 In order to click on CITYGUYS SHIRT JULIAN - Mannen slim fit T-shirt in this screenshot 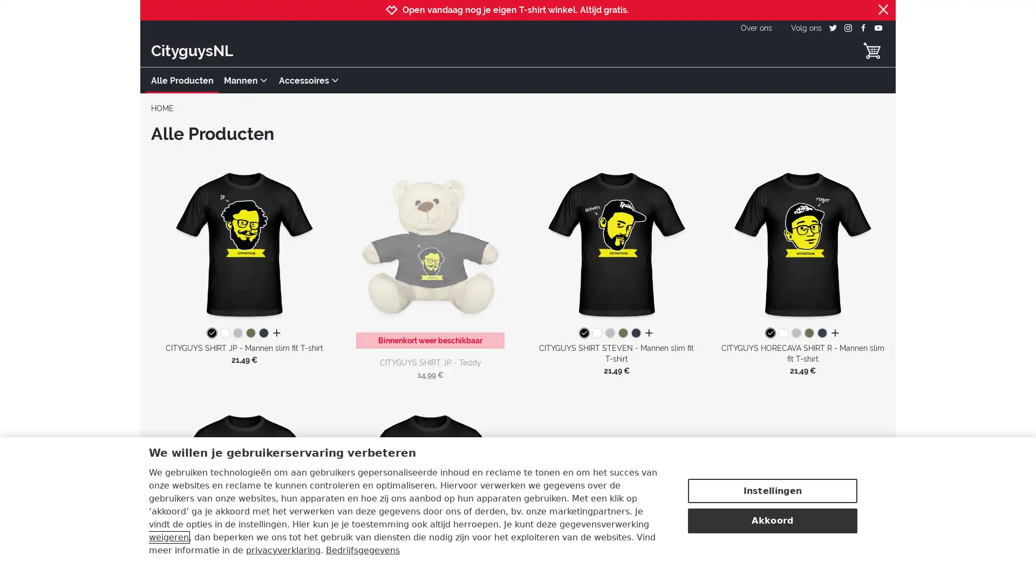, I will do `click(243, 485)`.